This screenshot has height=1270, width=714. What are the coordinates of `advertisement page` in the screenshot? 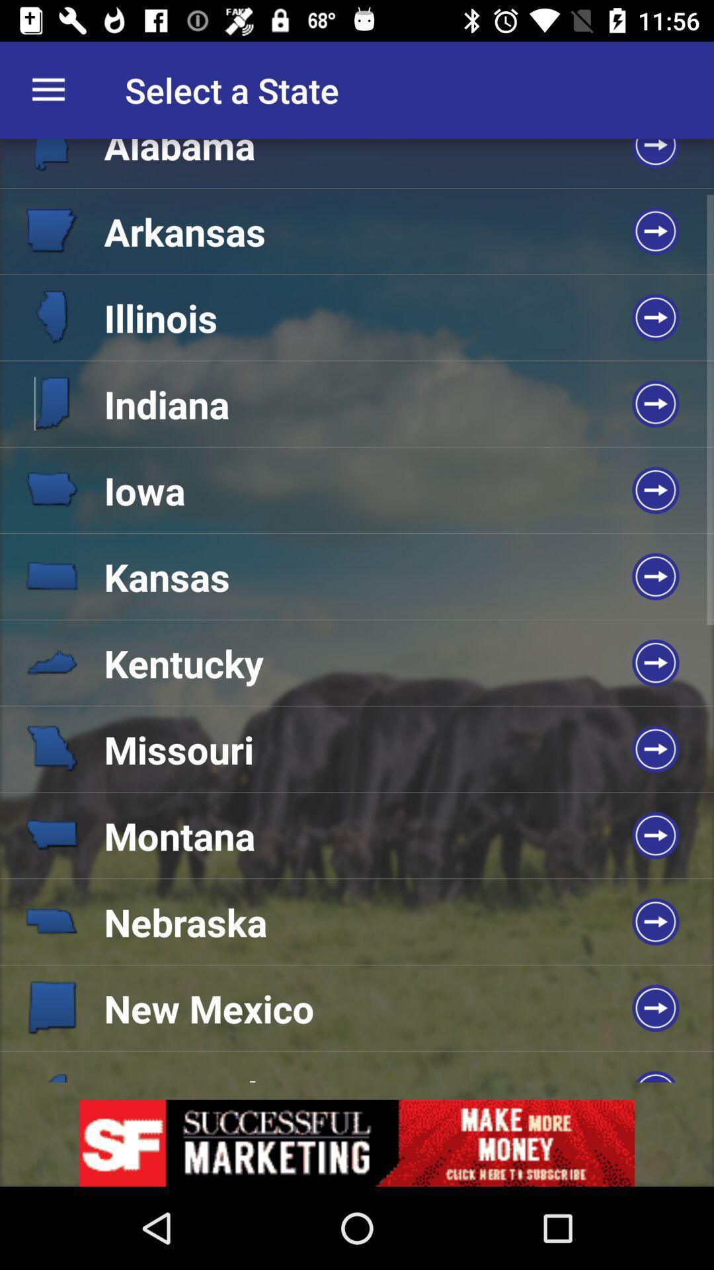 It's located at (357, 1142).